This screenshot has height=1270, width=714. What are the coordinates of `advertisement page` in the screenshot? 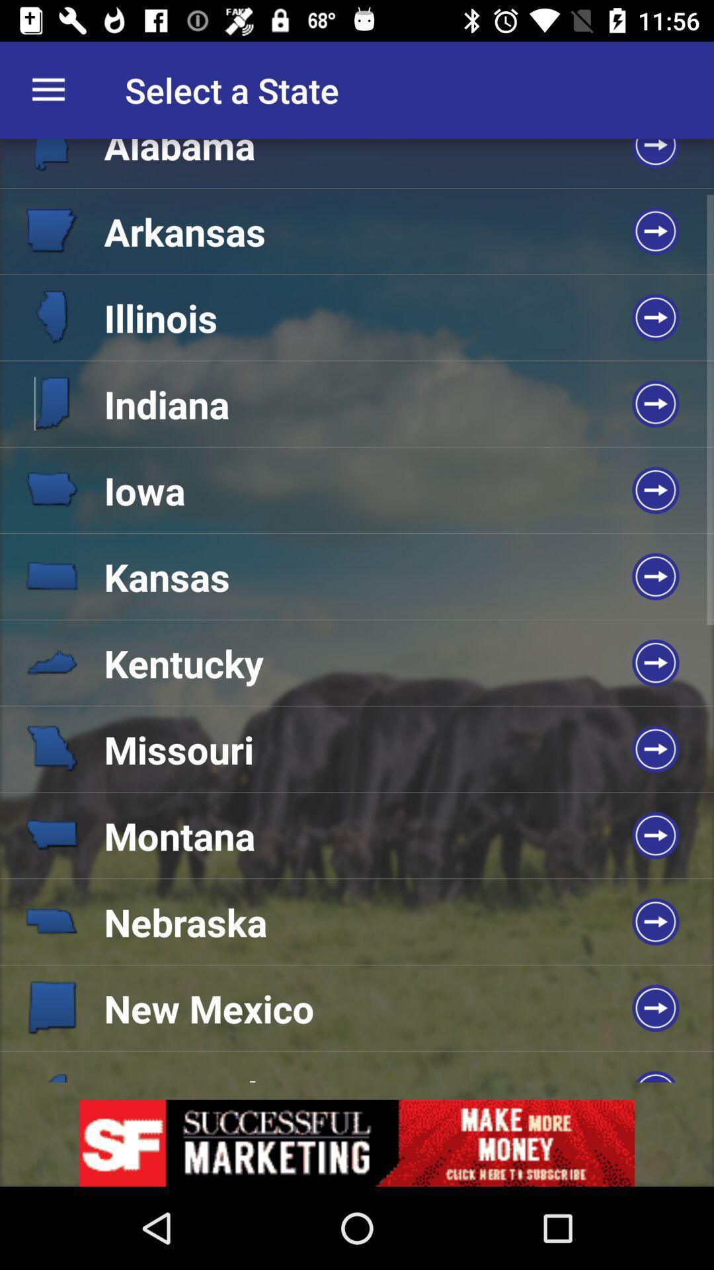 It's located at (357, 1142).